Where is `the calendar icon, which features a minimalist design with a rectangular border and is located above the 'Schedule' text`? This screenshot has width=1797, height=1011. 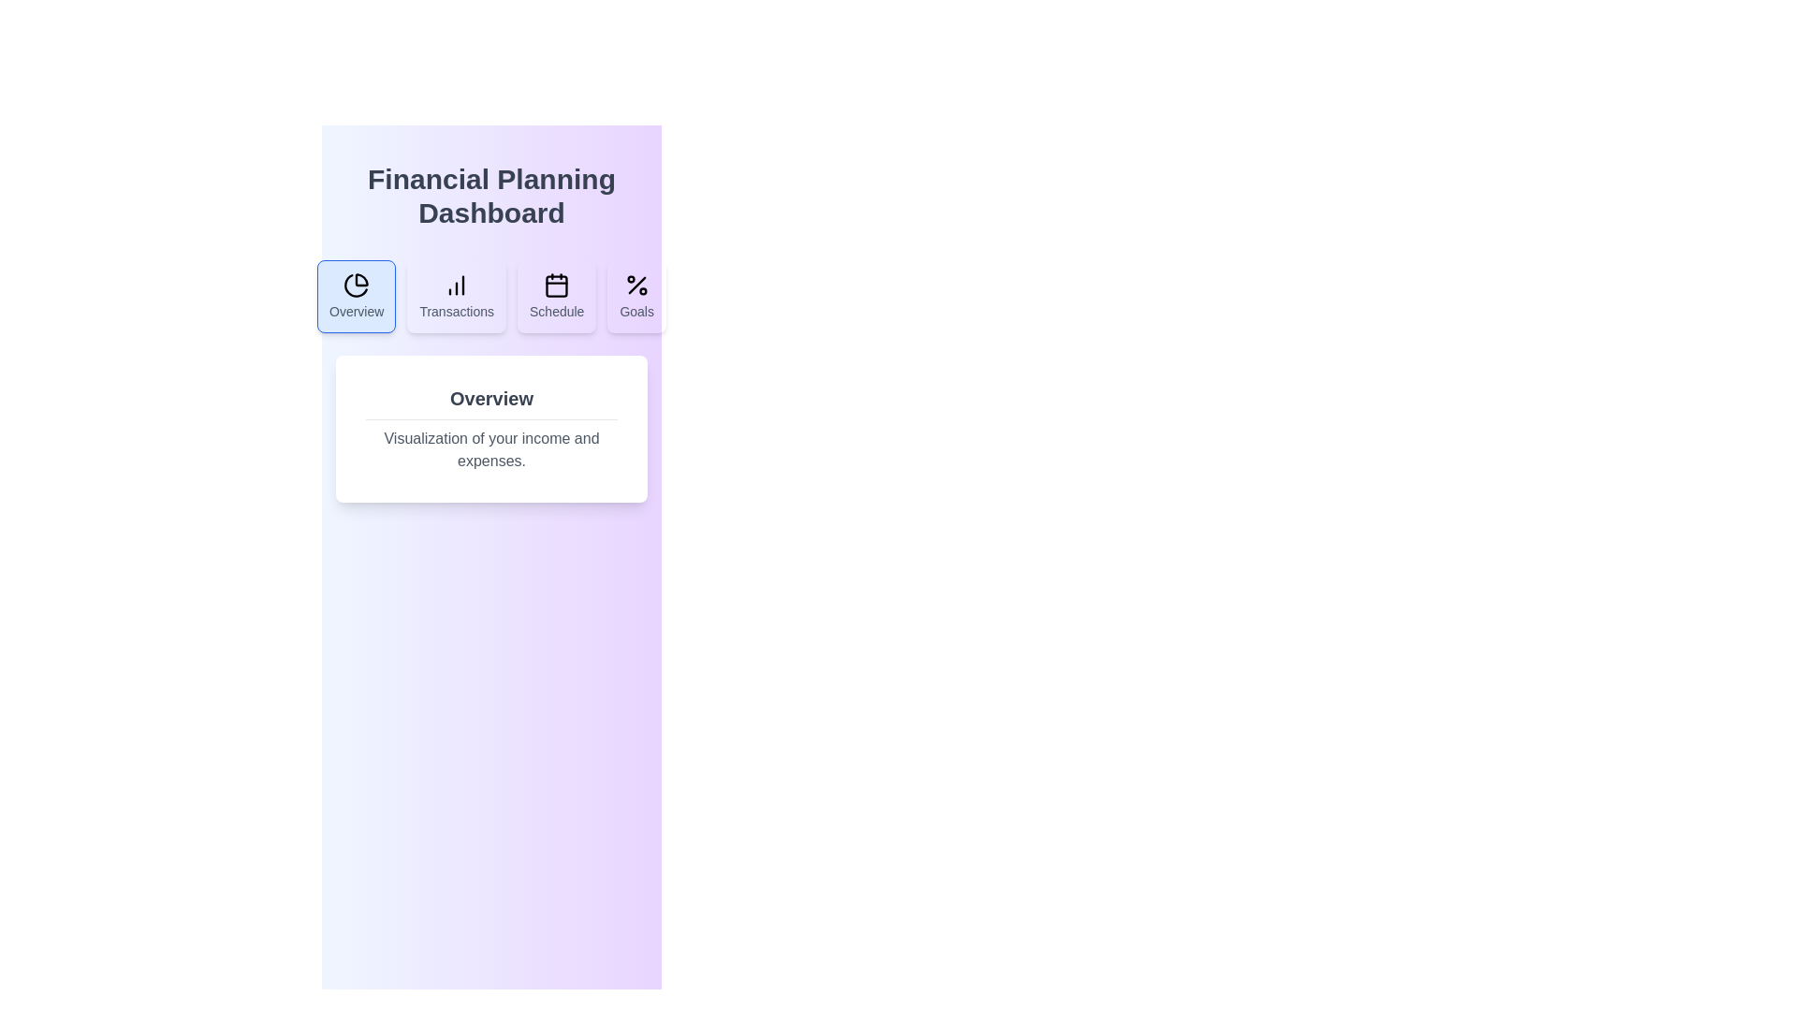 the calendar icon, which features a minimalist design with a rectangular border and is located above the 'Schedule' text is located at coordinates (556, 285).